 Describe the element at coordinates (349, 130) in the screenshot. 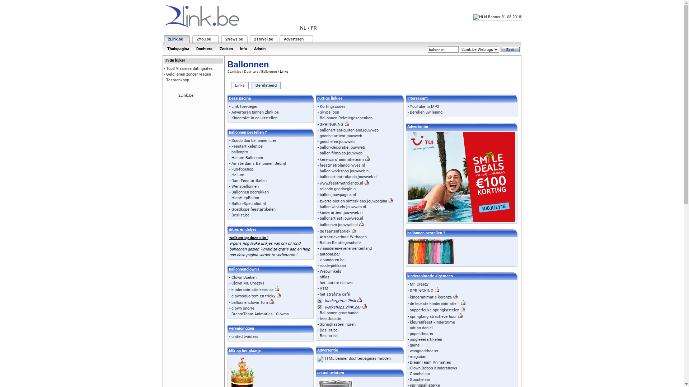

I see `'ballonartiest-buitenland.jouwweb'` at that location.